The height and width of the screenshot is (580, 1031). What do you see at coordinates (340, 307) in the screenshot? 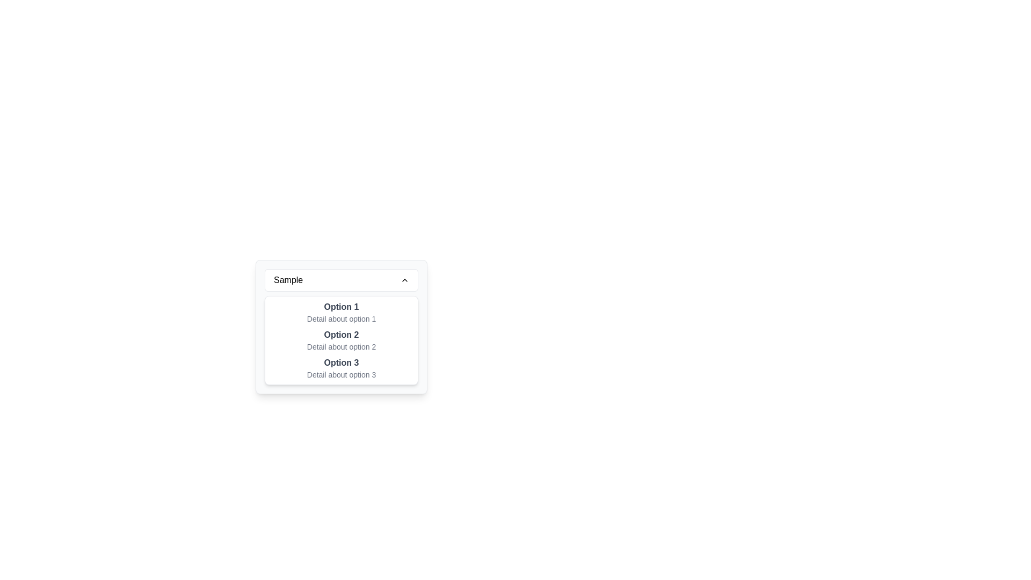
I see `the first selectable option label` at bounding box center [340, 307].